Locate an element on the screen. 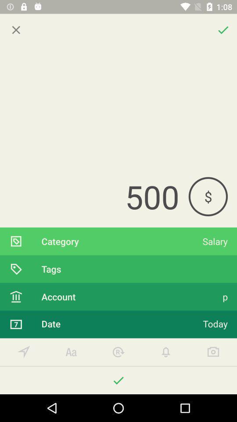 This screenshot has width=237, height=422. refresh content is located at coordinates (118, 352).